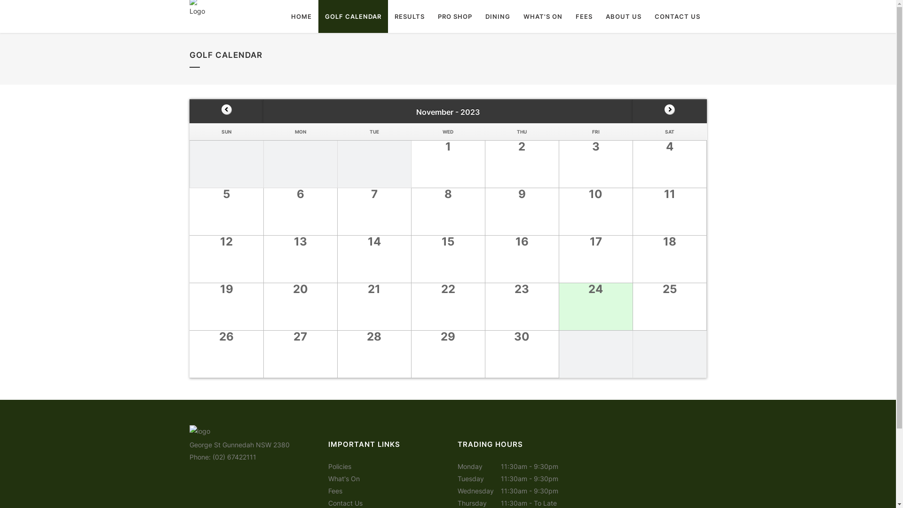 This screenshot has height=508, width=903. What do you see at coordinates (623, 16) in the screenshot?
I see `'ABOUT US'` at bounding box center [623, 16].